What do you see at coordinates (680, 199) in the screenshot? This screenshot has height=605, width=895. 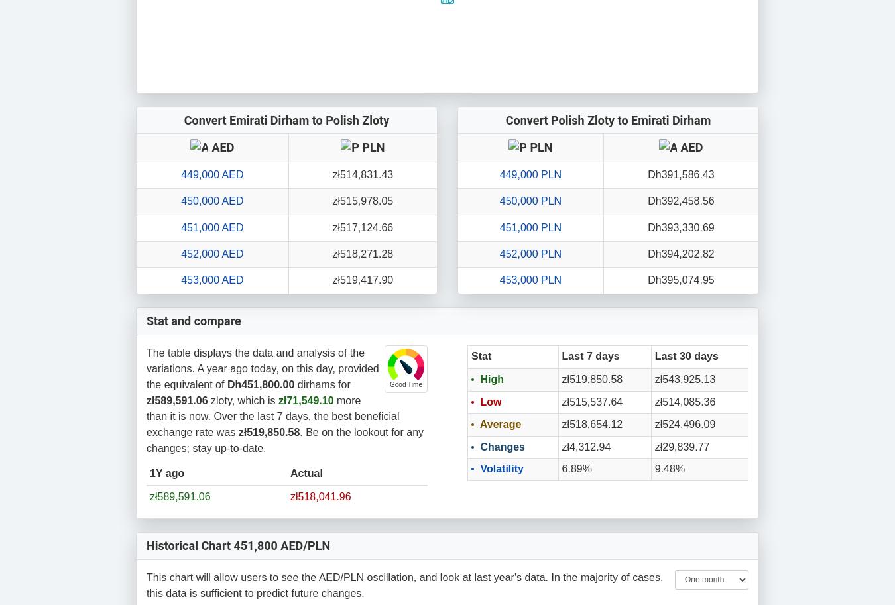 I see `'Dh392,458.56'` at bounding box center [680, 199].